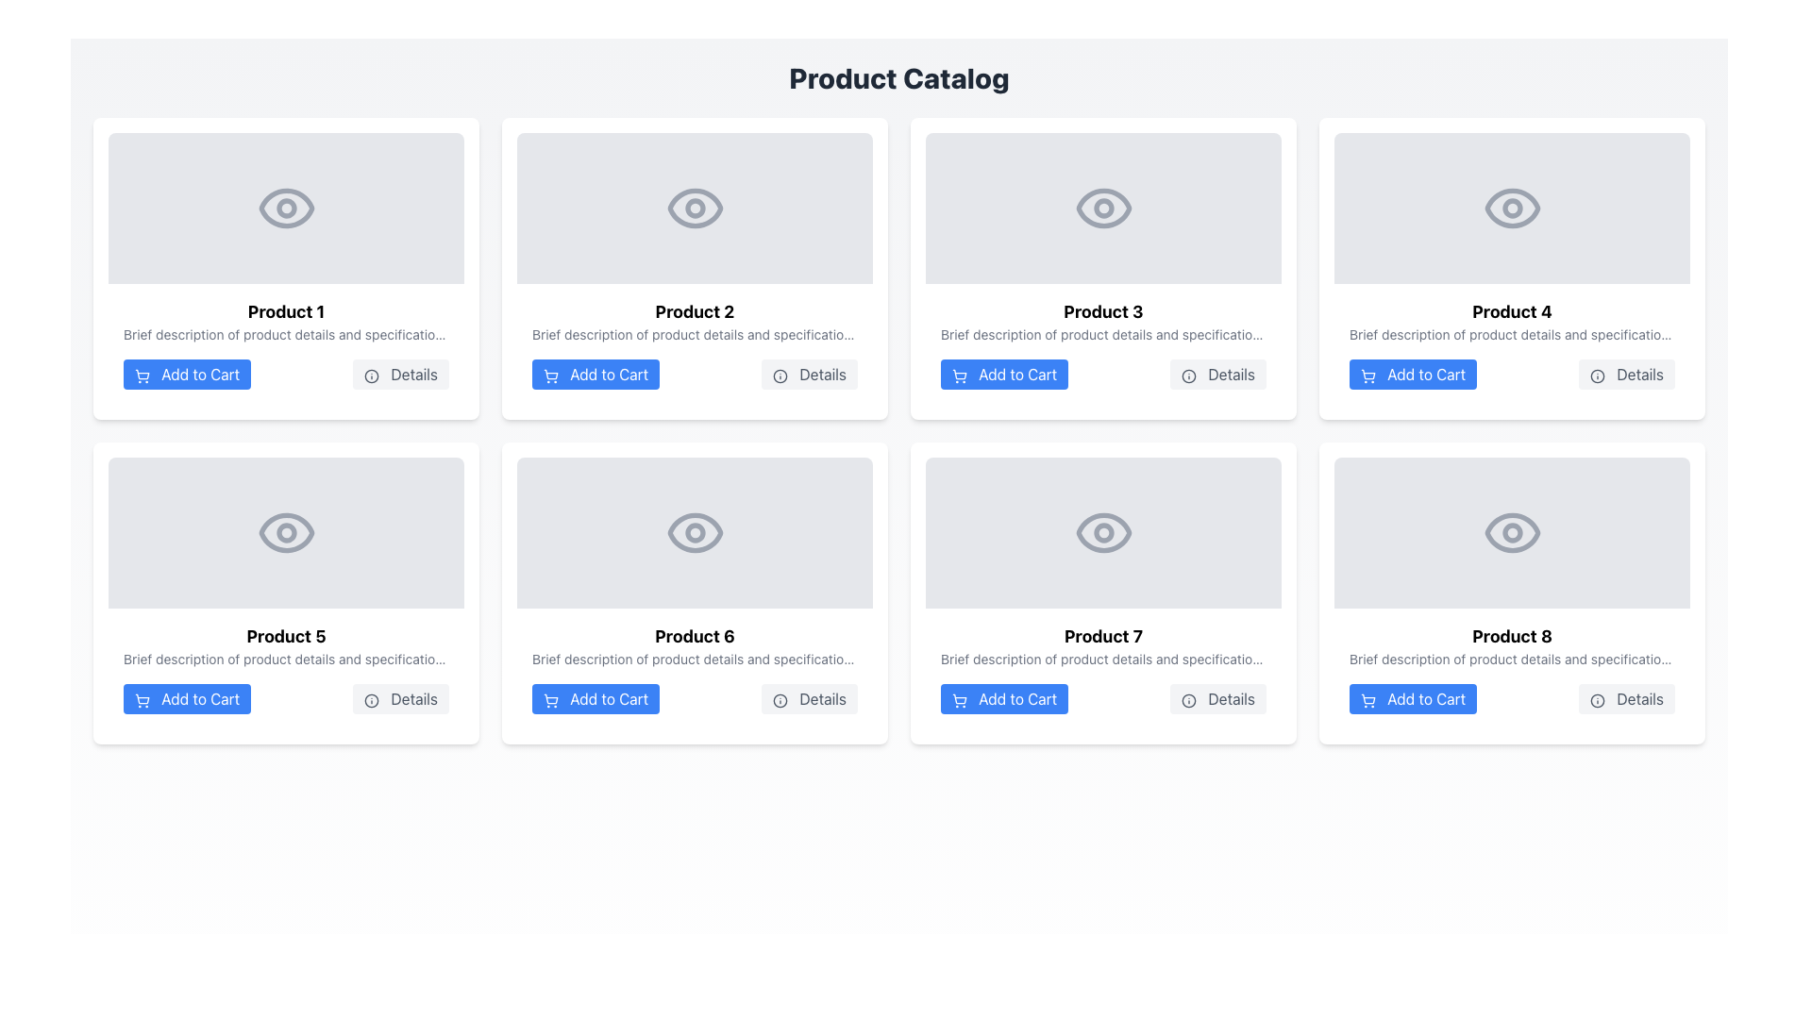 This screenshot has width=1812, height=1019. I want to click on the stylized eye icon representing visibility functionality located in the visual preview section of the 'Product 4' card, so click(1512, 208).